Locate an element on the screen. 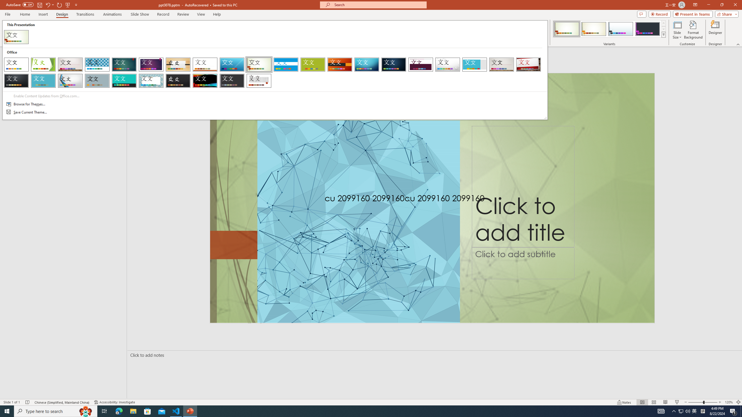  'Start' is located at coordinates (7, 411).